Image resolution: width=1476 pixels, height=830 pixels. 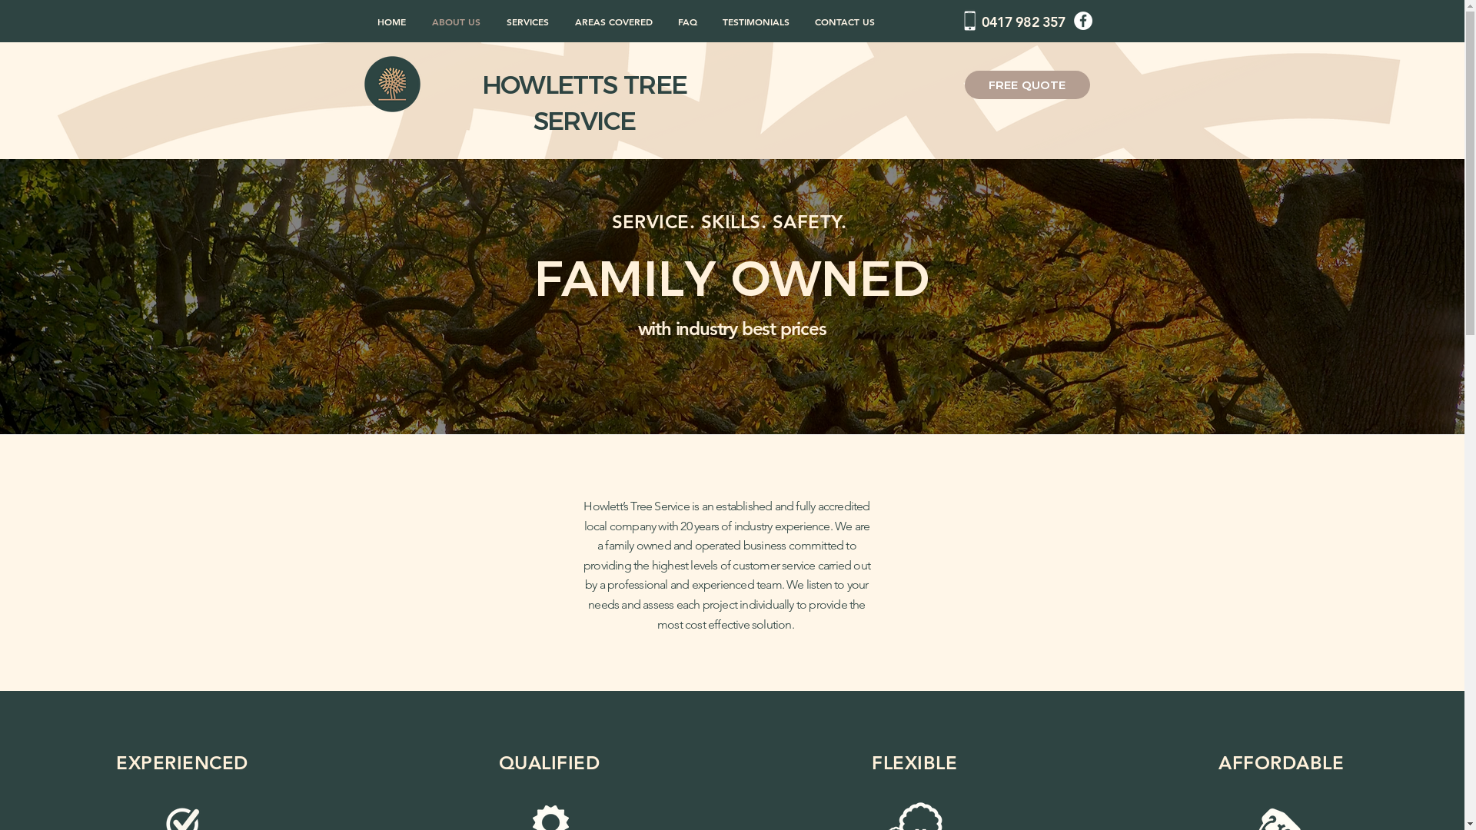 I want to click on 'HOME', so click(x=364, y=22).